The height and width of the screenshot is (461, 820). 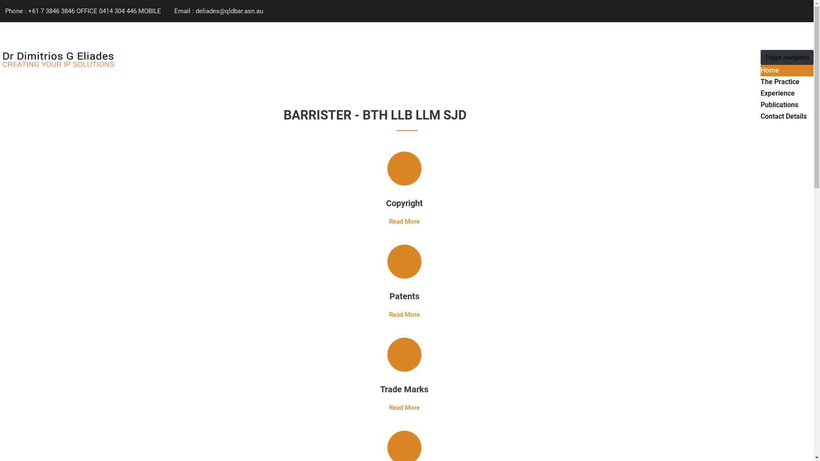 I want to click on 'Trade Marks', so click(x=404, y=389).